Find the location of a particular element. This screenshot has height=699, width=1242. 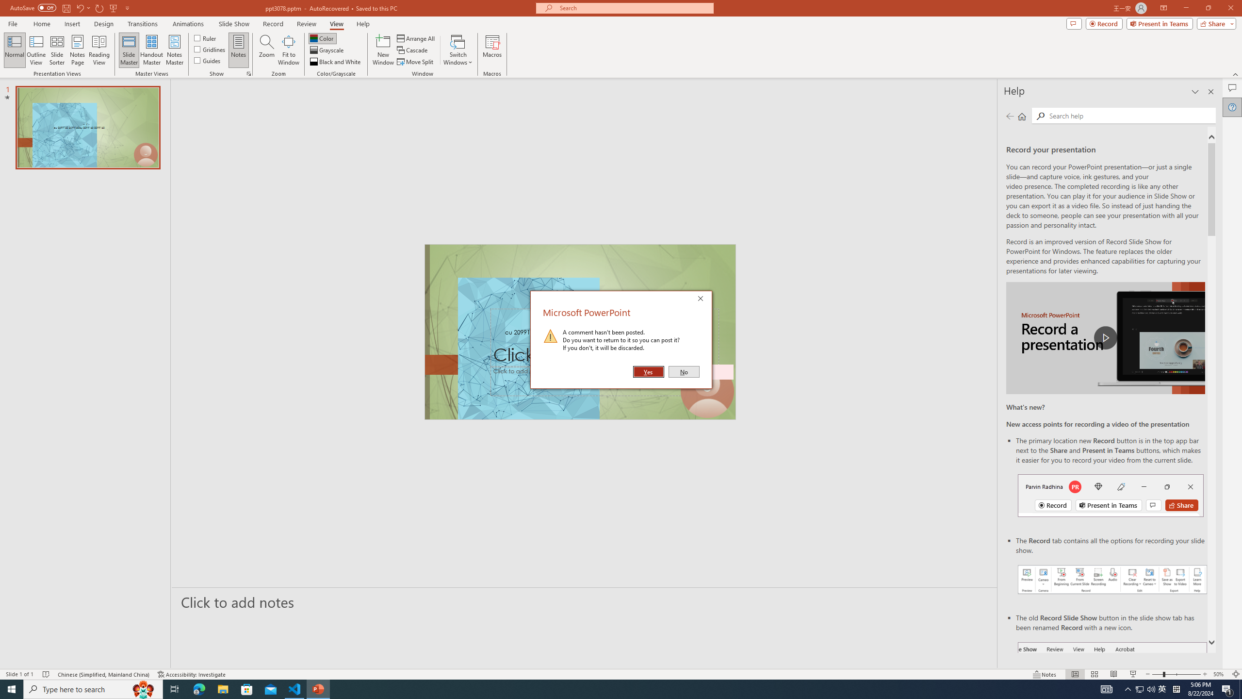

'Warning Icon' is located at coordinates (550, 335).